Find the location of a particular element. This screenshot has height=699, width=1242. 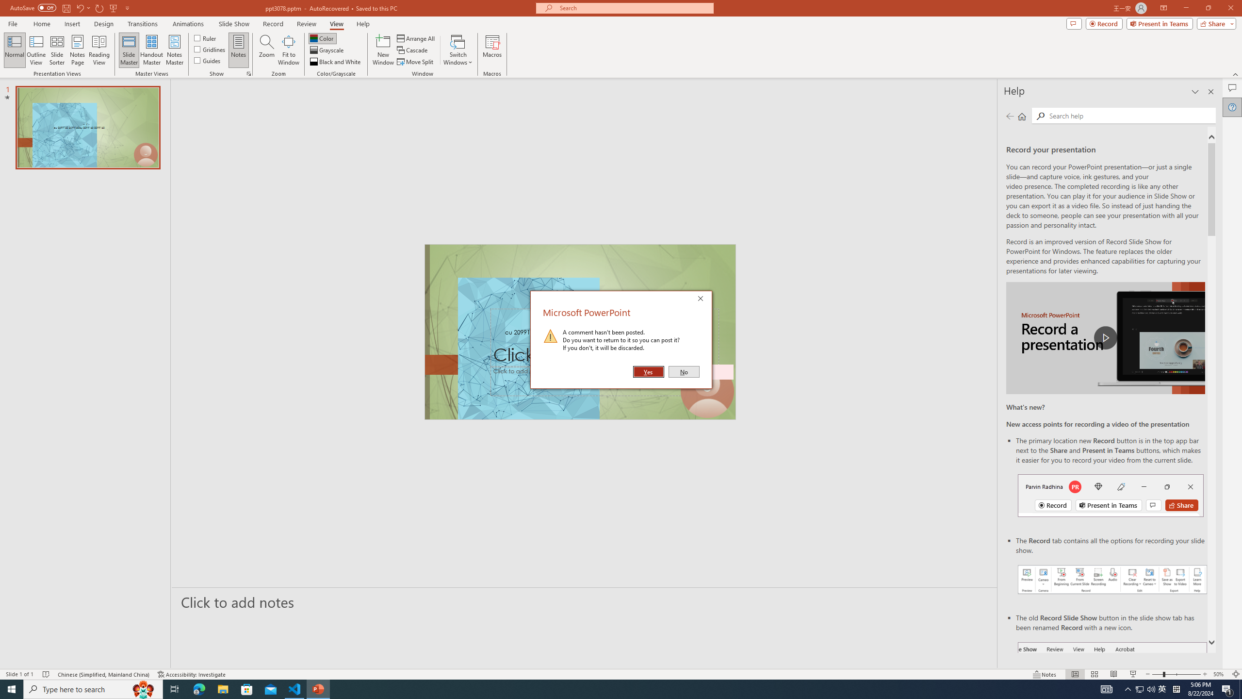

'Warning Icon' is located at coordinates (550, 335).